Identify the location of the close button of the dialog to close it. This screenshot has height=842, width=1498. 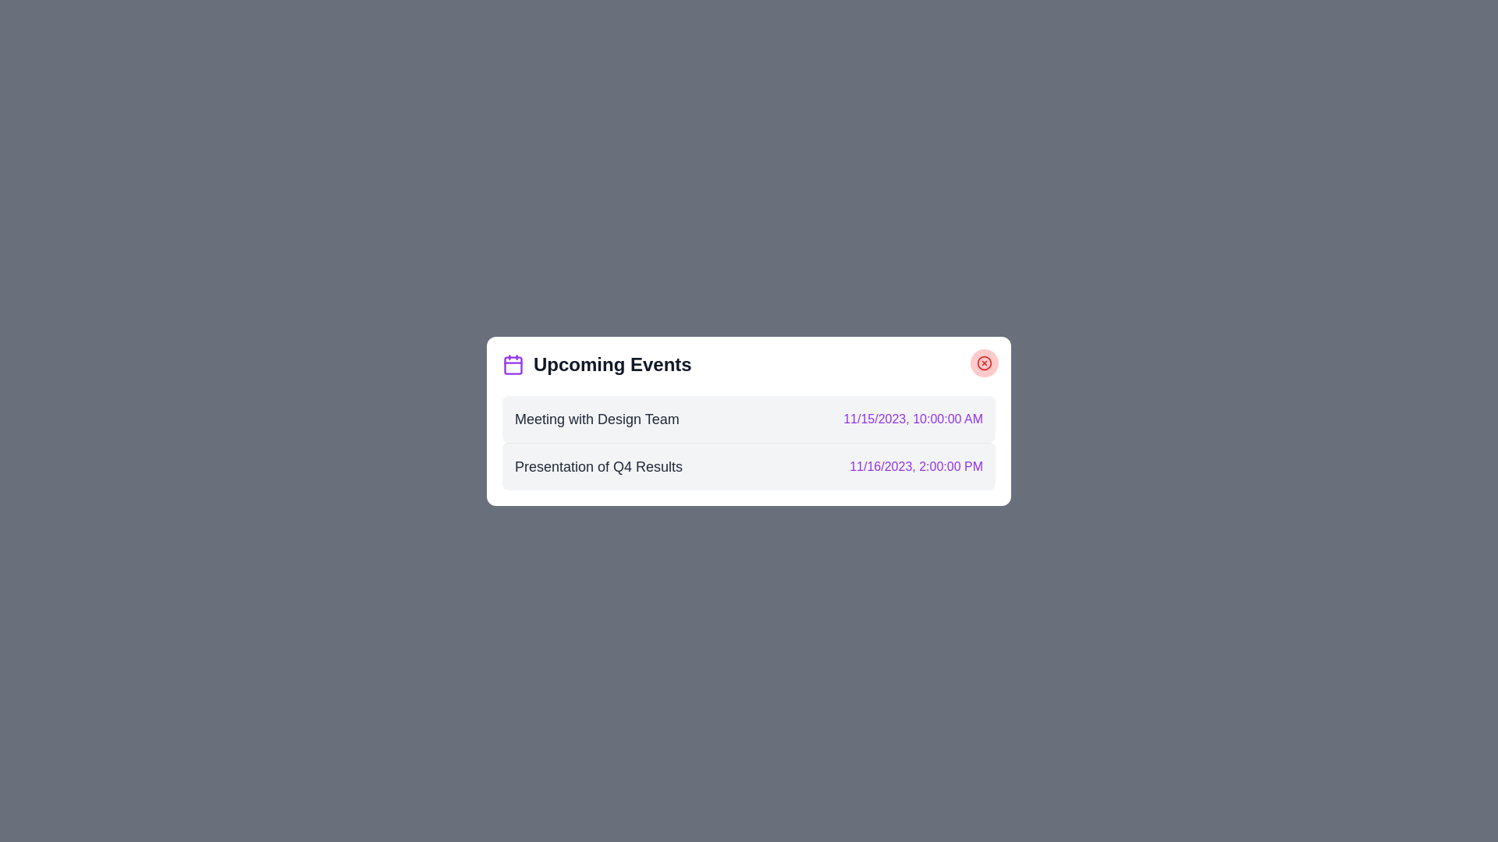
(984, 363).